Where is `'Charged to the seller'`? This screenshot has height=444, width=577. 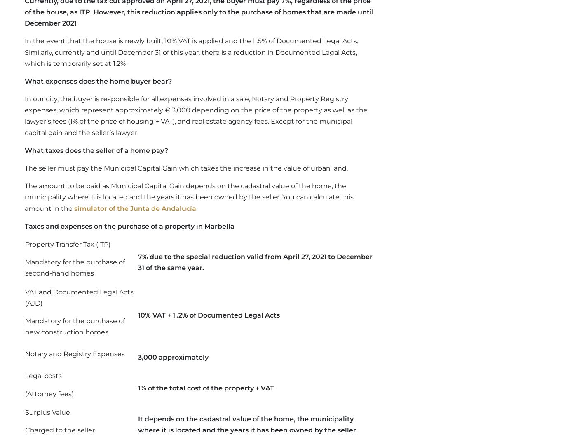
'Charged to the seller' is located at coordinates (25, 430).